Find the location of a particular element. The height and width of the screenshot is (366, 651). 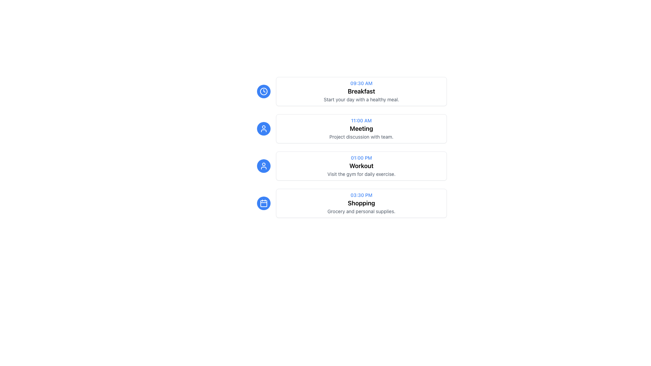

the bolded text label saying 'Workout', which is centered within a bordered panel and positioned between a time label and a description text is located at coordinates (361, 166).